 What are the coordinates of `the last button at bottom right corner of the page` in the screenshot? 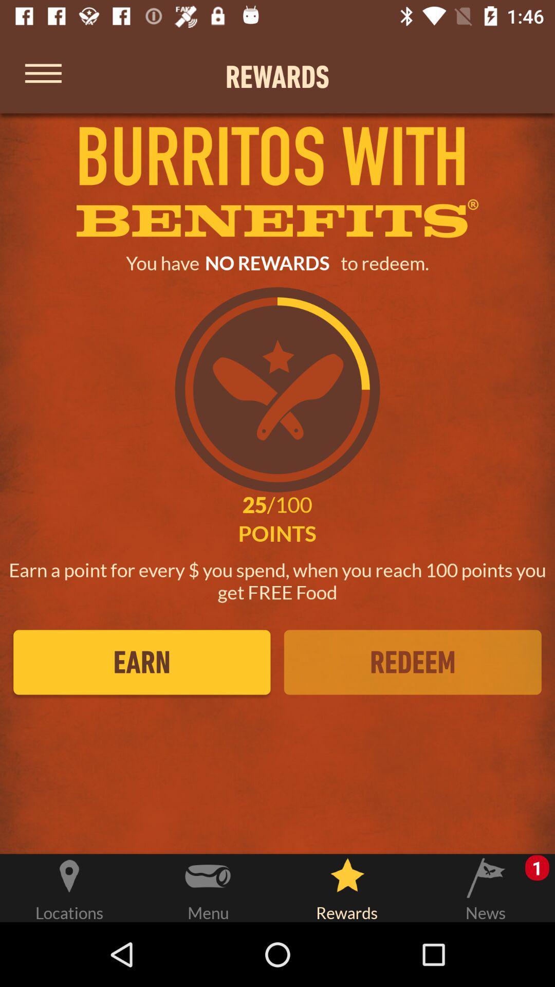 It's located at (486, 886).